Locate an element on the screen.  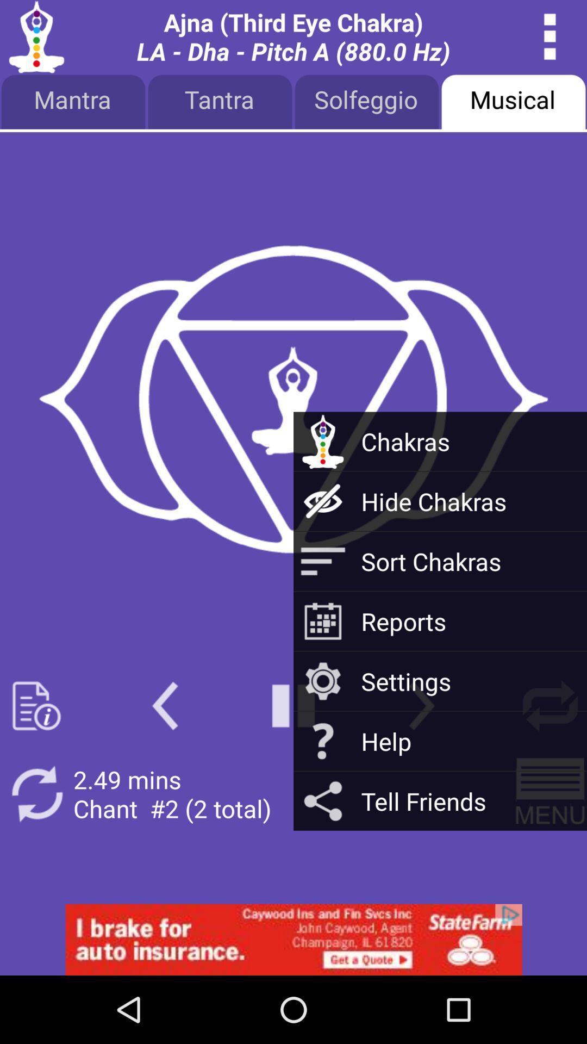
the description icon is located at coordinates (36, 755).